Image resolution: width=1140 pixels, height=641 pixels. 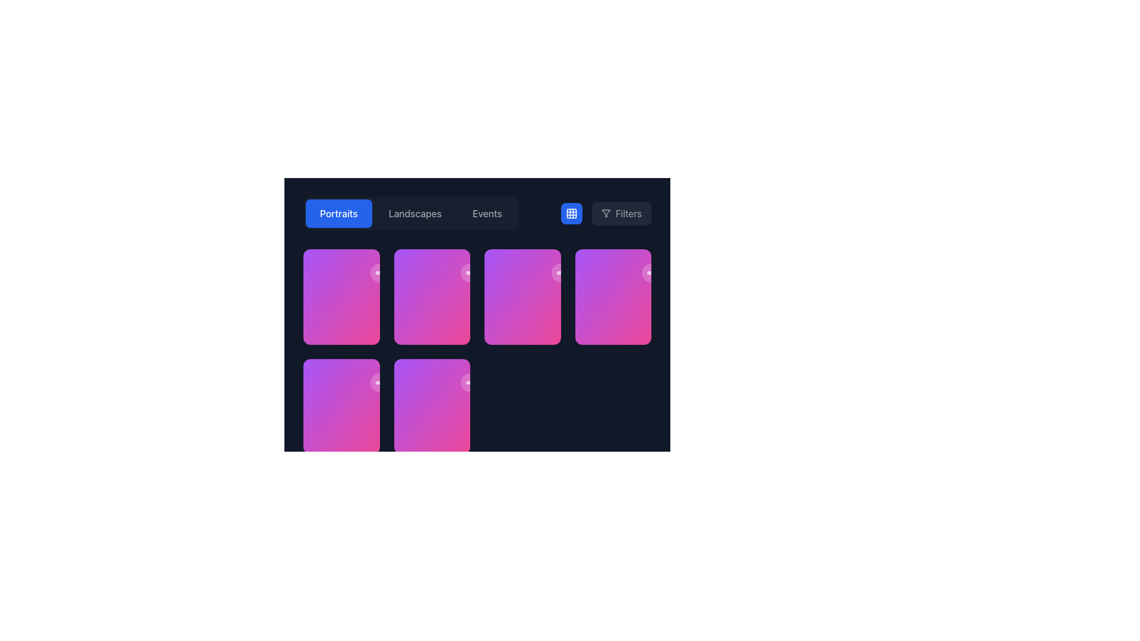 I want to click on the circular share button located on the right side of the card in the second row, first column of the grid layout to initiate sharing, so click(x=470, y=272).